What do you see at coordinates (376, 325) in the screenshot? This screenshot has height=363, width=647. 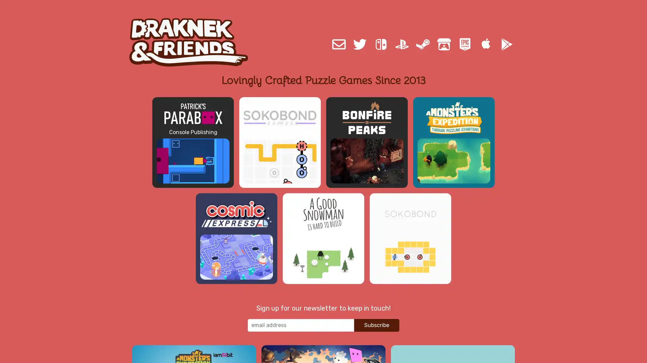 I see `Subscribe` at bounding box center [376, 325].